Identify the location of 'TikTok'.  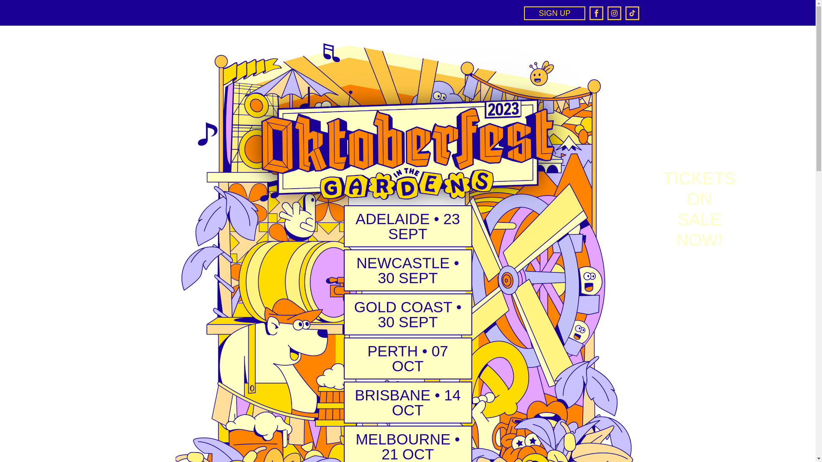
(632, 13).